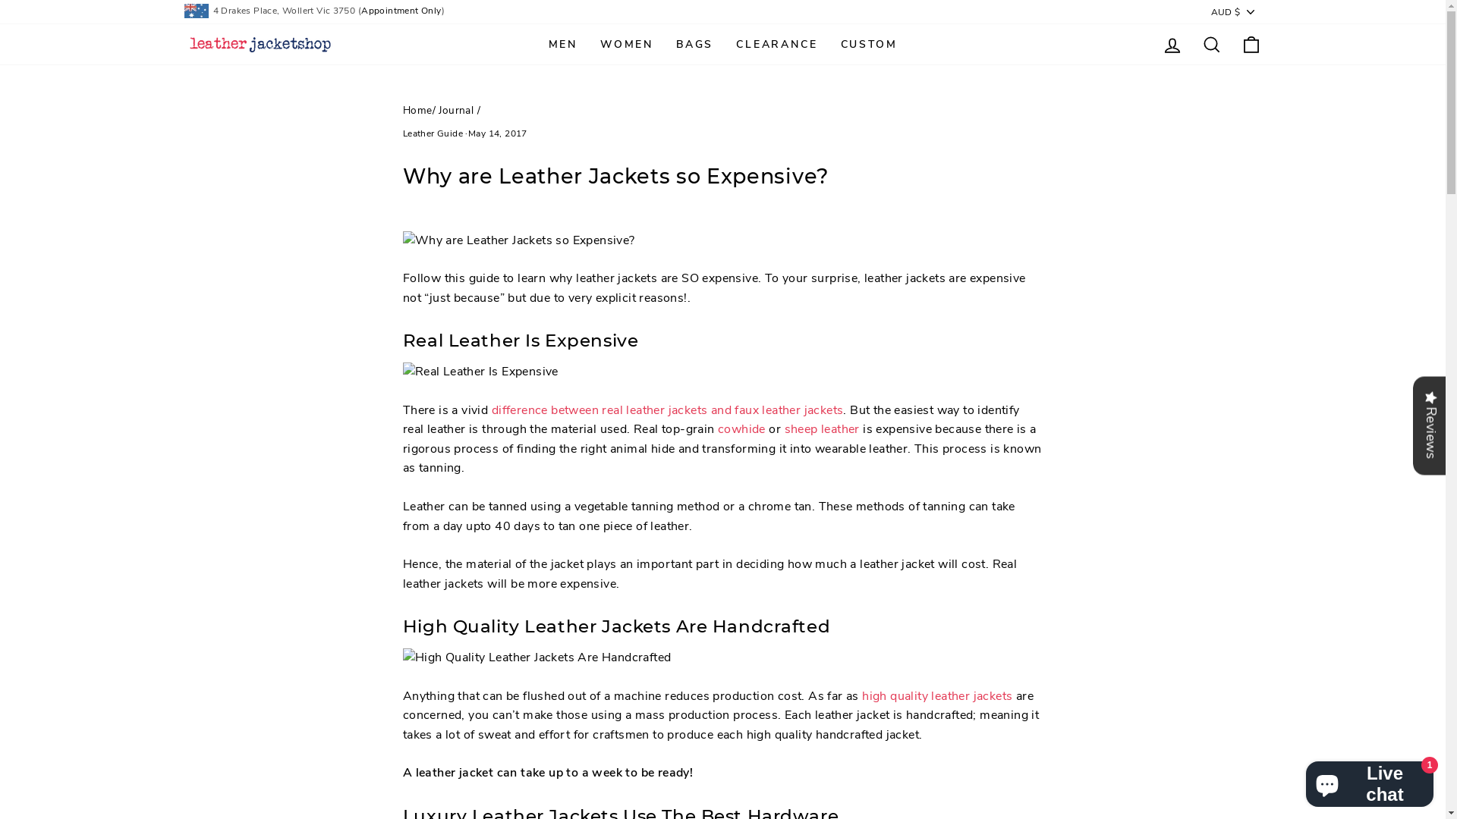 This screenshot has width=1457, height=819. What do you see at coordinates (588, 43) in the screenshot?
I see `'WOMEN'` at bounding box center [588, 43].